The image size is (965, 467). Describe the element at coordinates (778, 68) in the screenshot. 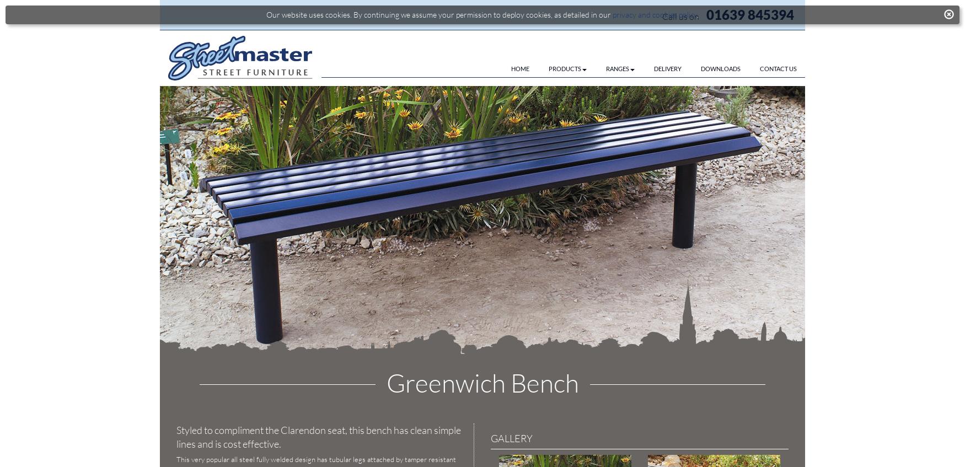

I see `'CONTACT US'` at that location.